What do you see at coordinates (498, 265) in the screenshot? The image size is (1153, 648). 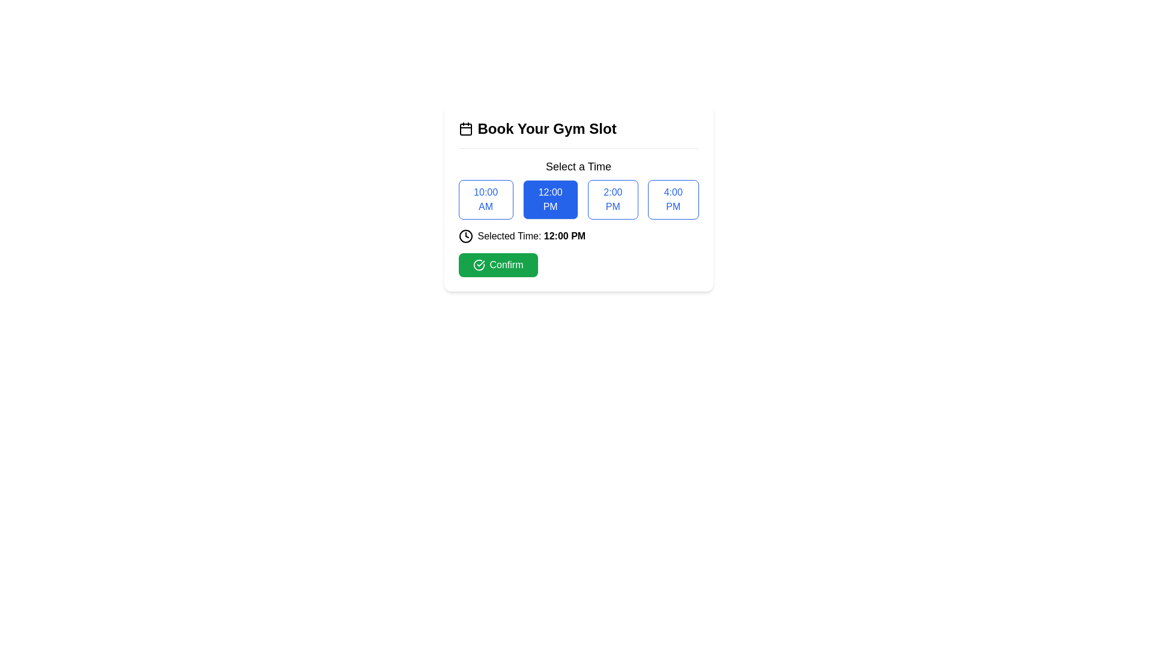 I see `the green rectangular button labeled 'Confirm' with a white checkmark icon to confirm` at bounding box center [498, 265].